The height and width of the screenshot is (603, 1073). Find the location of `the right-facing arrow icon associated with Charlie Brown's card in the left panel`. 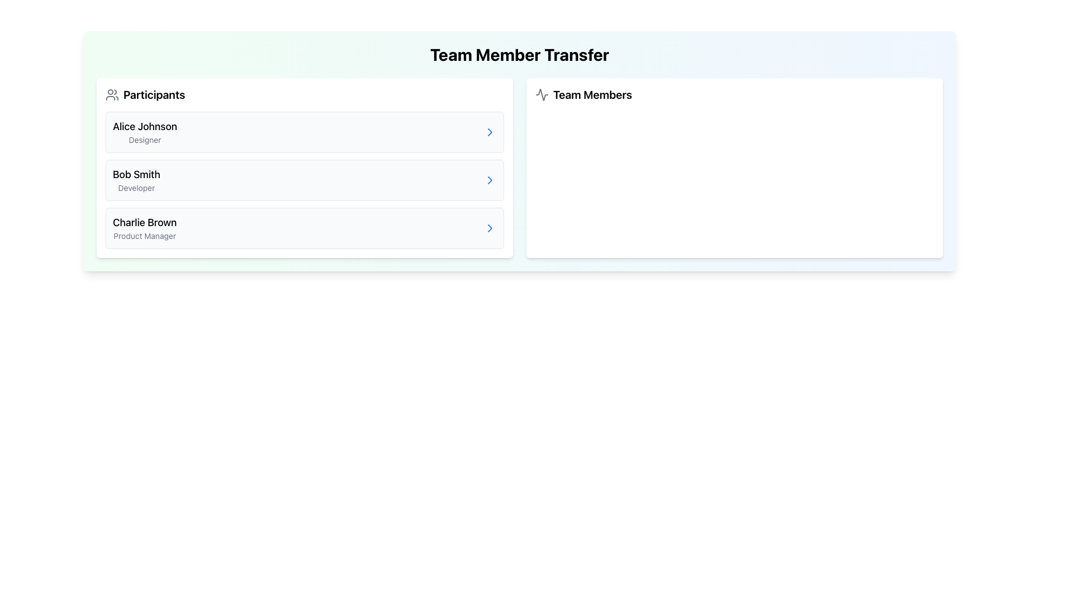

the right-facing arrow icon associated with Charlie Brown's card in the left panel is located at coordinates (490, 227).